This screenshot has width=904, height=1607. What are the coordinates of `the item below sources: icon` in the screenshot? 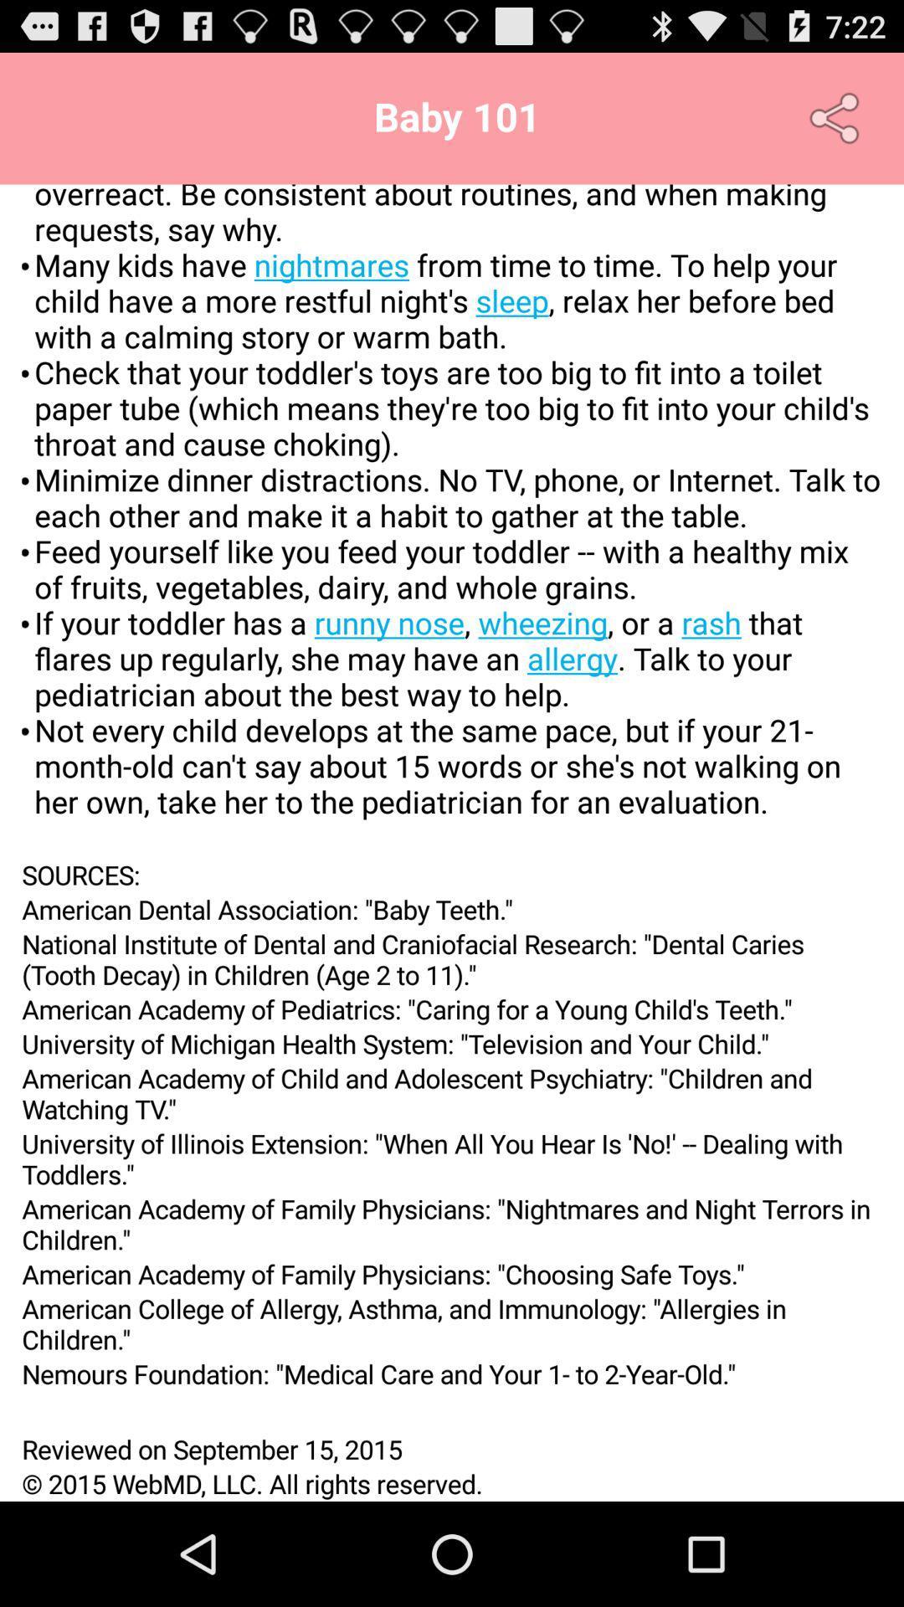 It's located at (452, 908).